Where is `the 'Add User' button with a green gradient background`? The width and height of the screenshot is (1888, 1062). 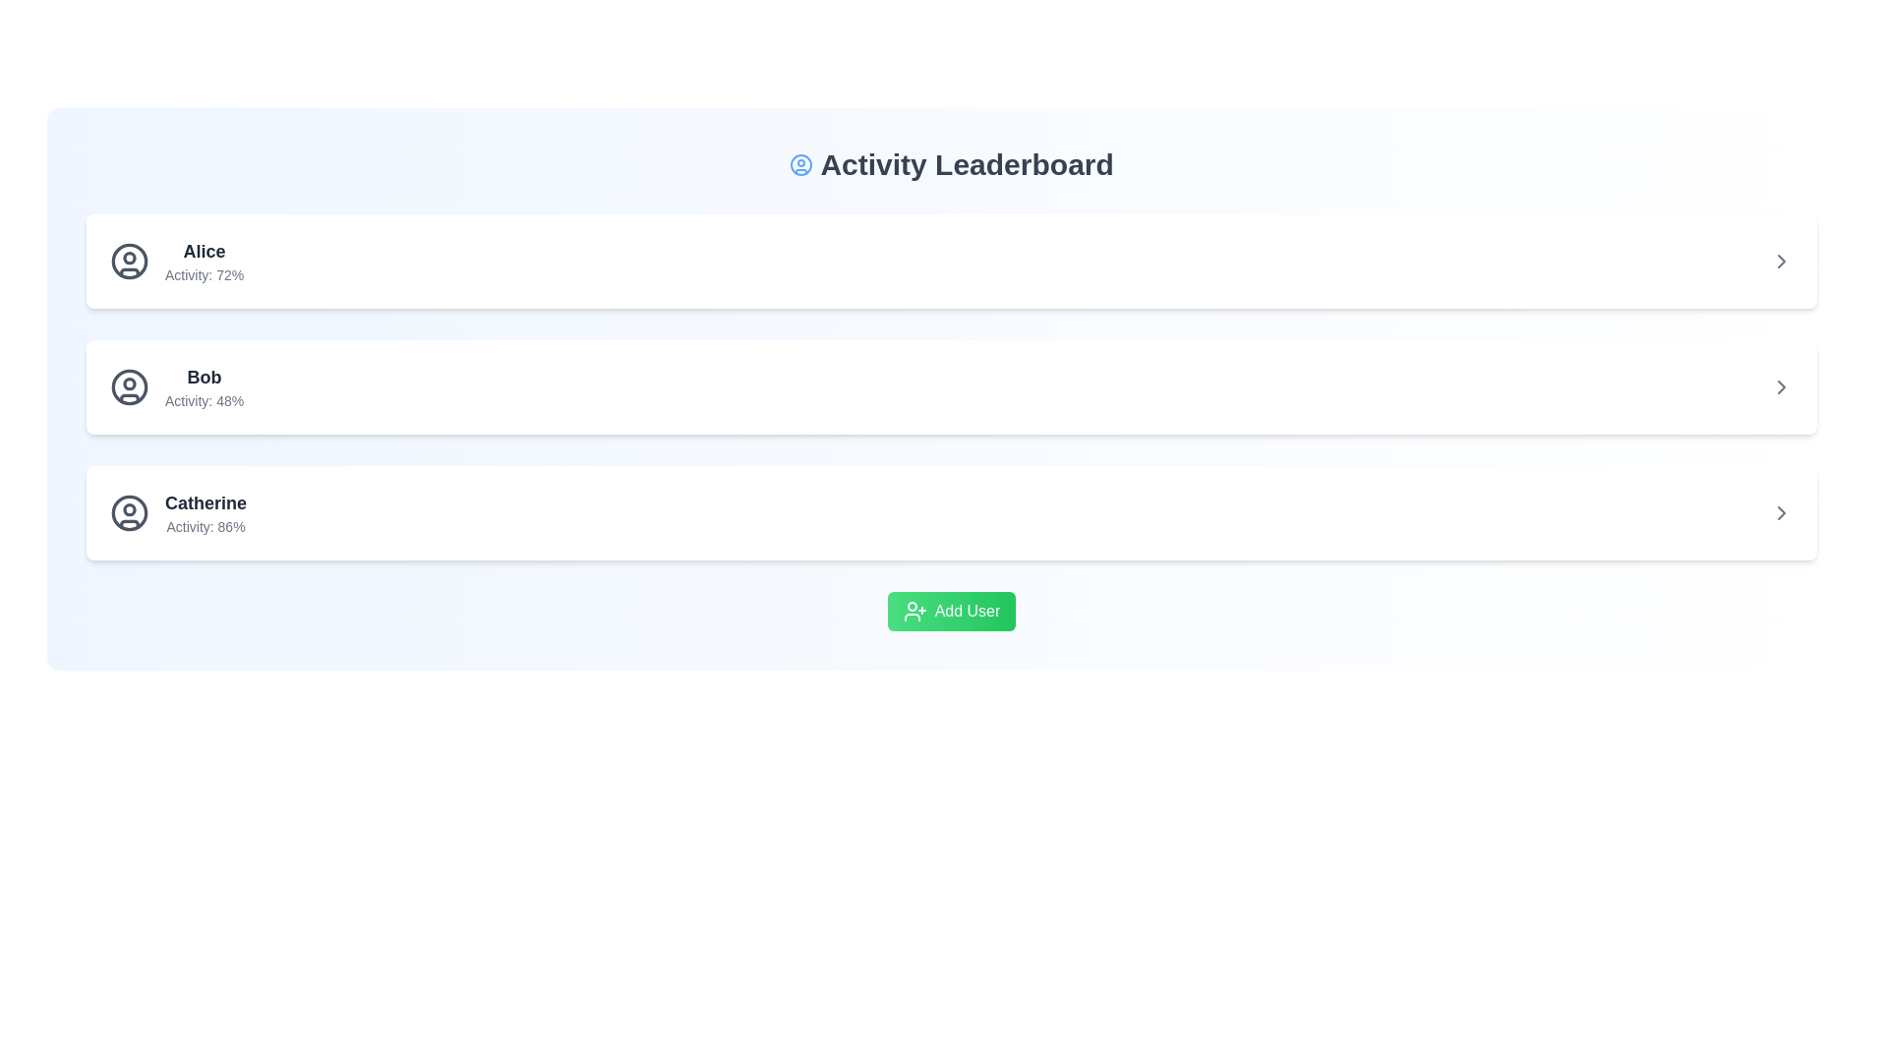
the 'Add User' button with a green gradient background is located at coordinates (952, 610).